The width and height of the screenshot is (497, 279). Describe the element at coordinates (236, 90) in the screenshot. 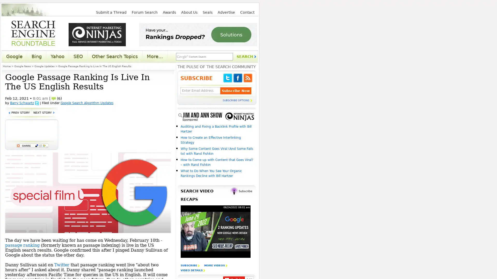

I see `Subscribe Now` at that location.